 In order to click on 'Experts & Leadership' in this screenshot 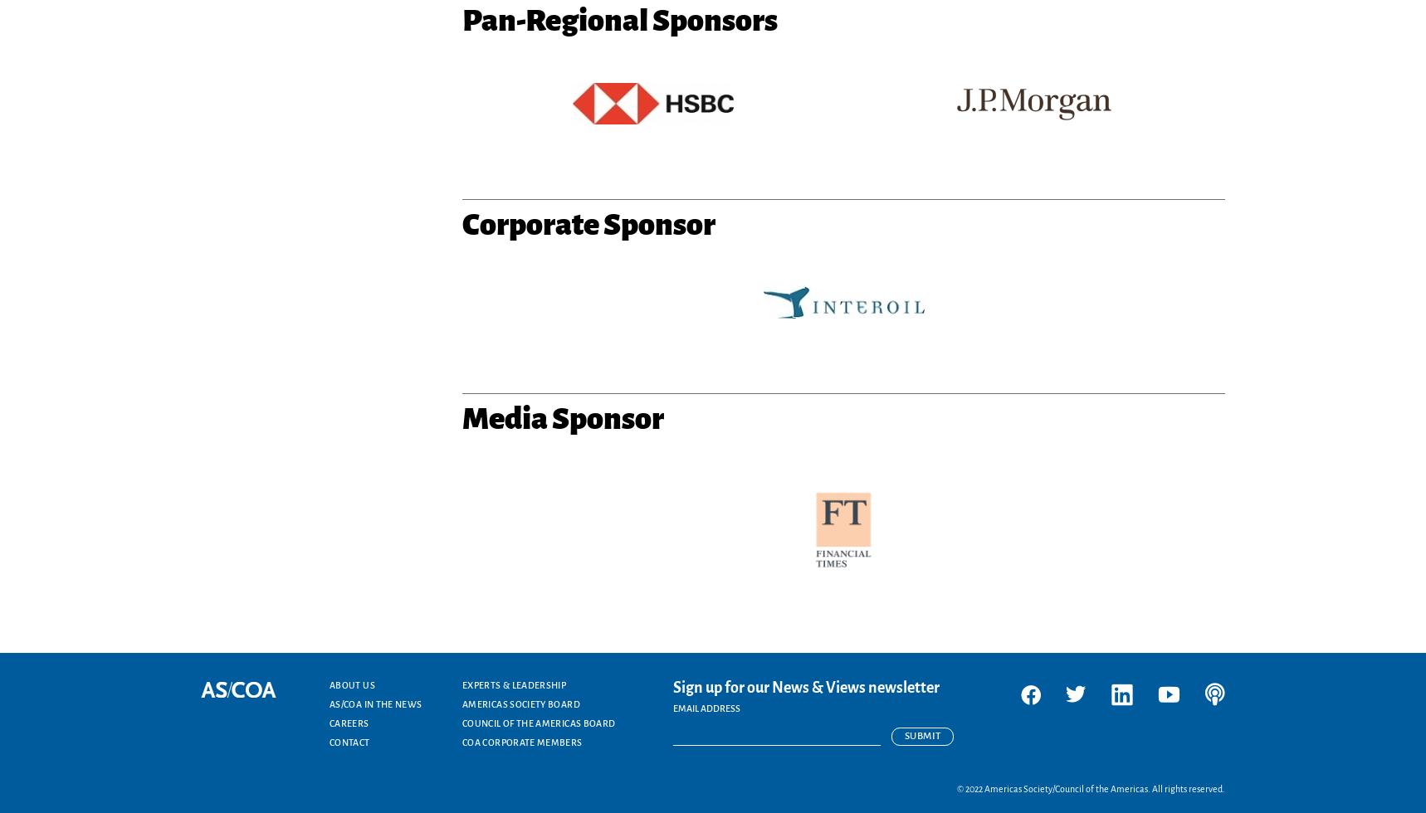, I will do `click(514, 684)`.